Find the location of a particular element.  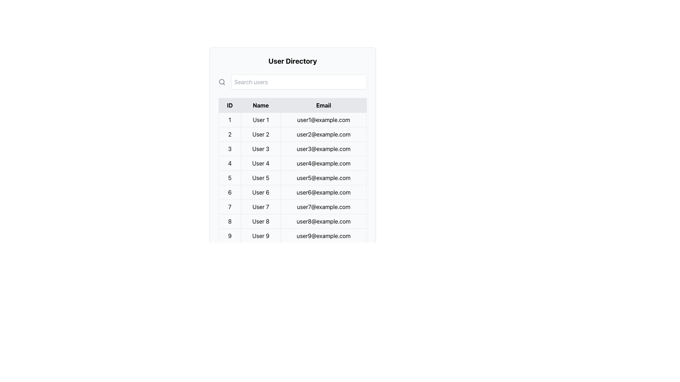

the Text display cell displaying the ID number '7' in the first column of the user directory table, located in the seventh row is located at coordinates (229, 207).